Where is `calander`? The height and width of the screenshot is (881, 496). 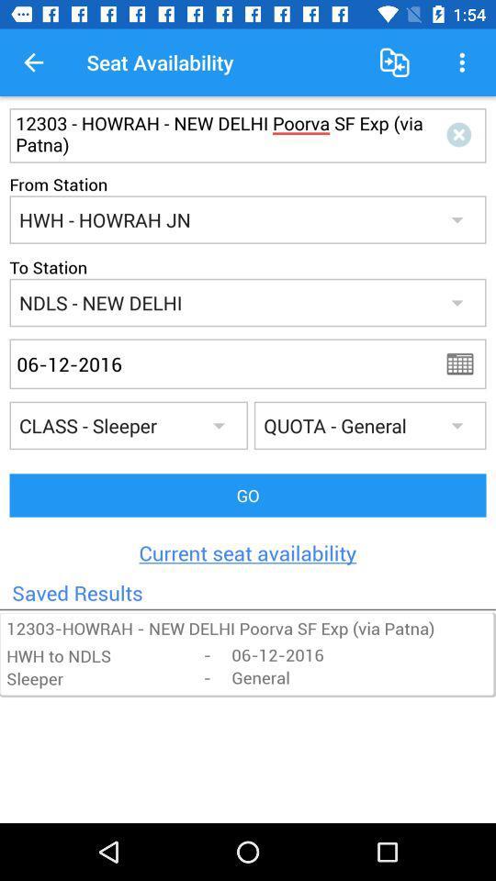 calander is located at coordinates (466, 362).